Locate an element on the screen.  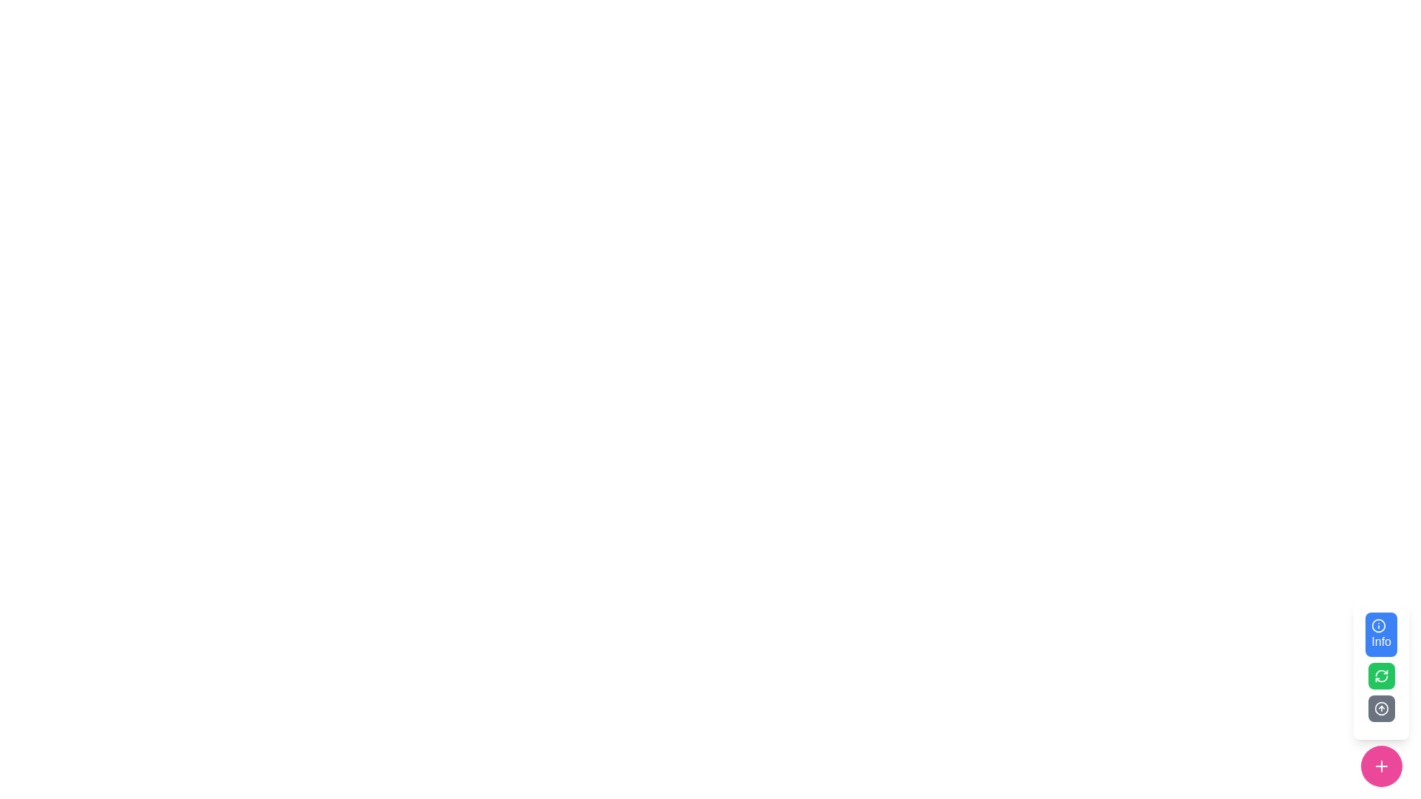
the green square-shaped refresh button with a white circular arrow icon located between the blue 'Info' button and the gray upward arrow button is located at coordinates (1380, 676).